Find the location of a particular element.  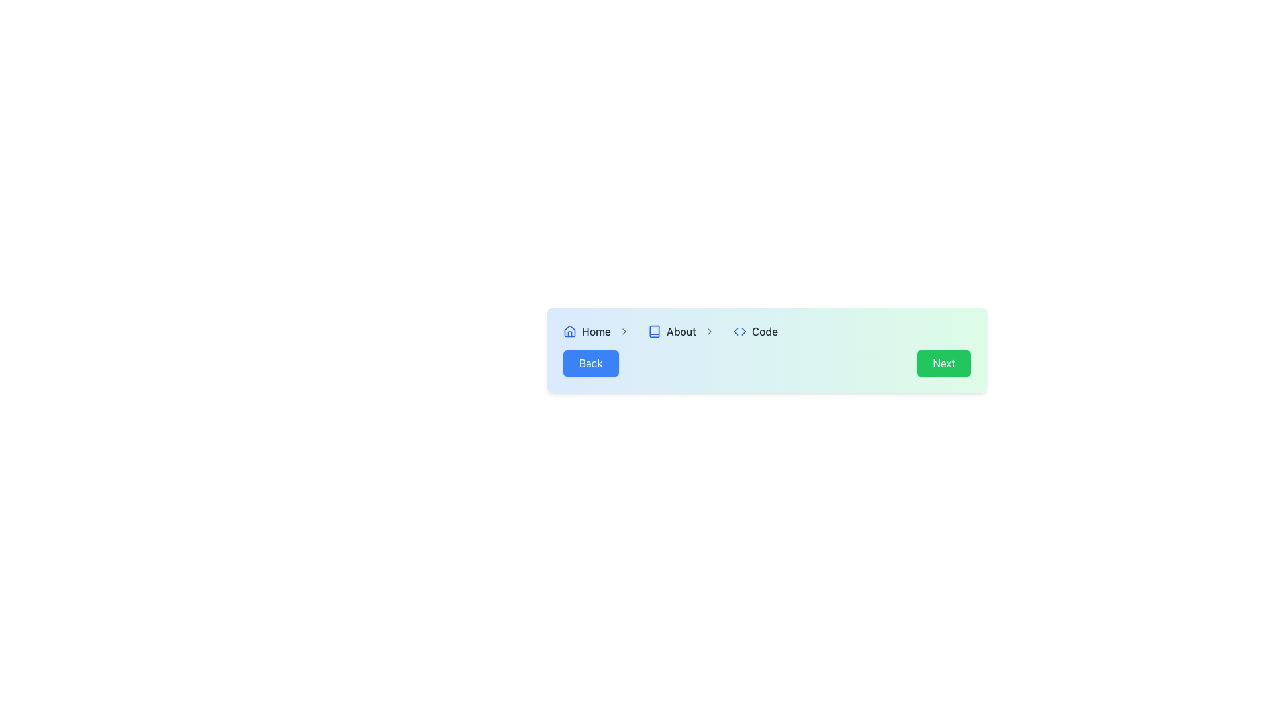

the blue house icon located to the left of the 'Home' text label to visit the home page is located at coordinates (569, 331).